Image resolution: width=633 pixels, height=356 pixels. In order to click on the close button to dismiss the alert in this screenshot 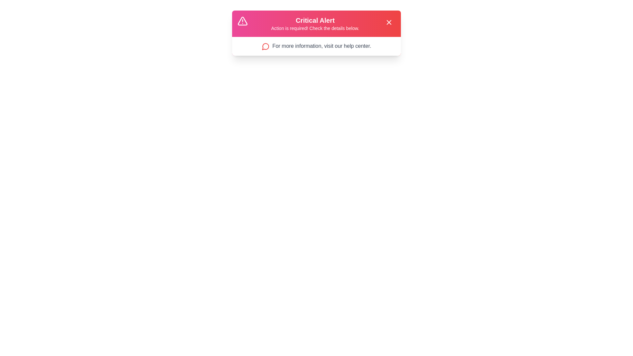, I will do `click(389, 22)`.